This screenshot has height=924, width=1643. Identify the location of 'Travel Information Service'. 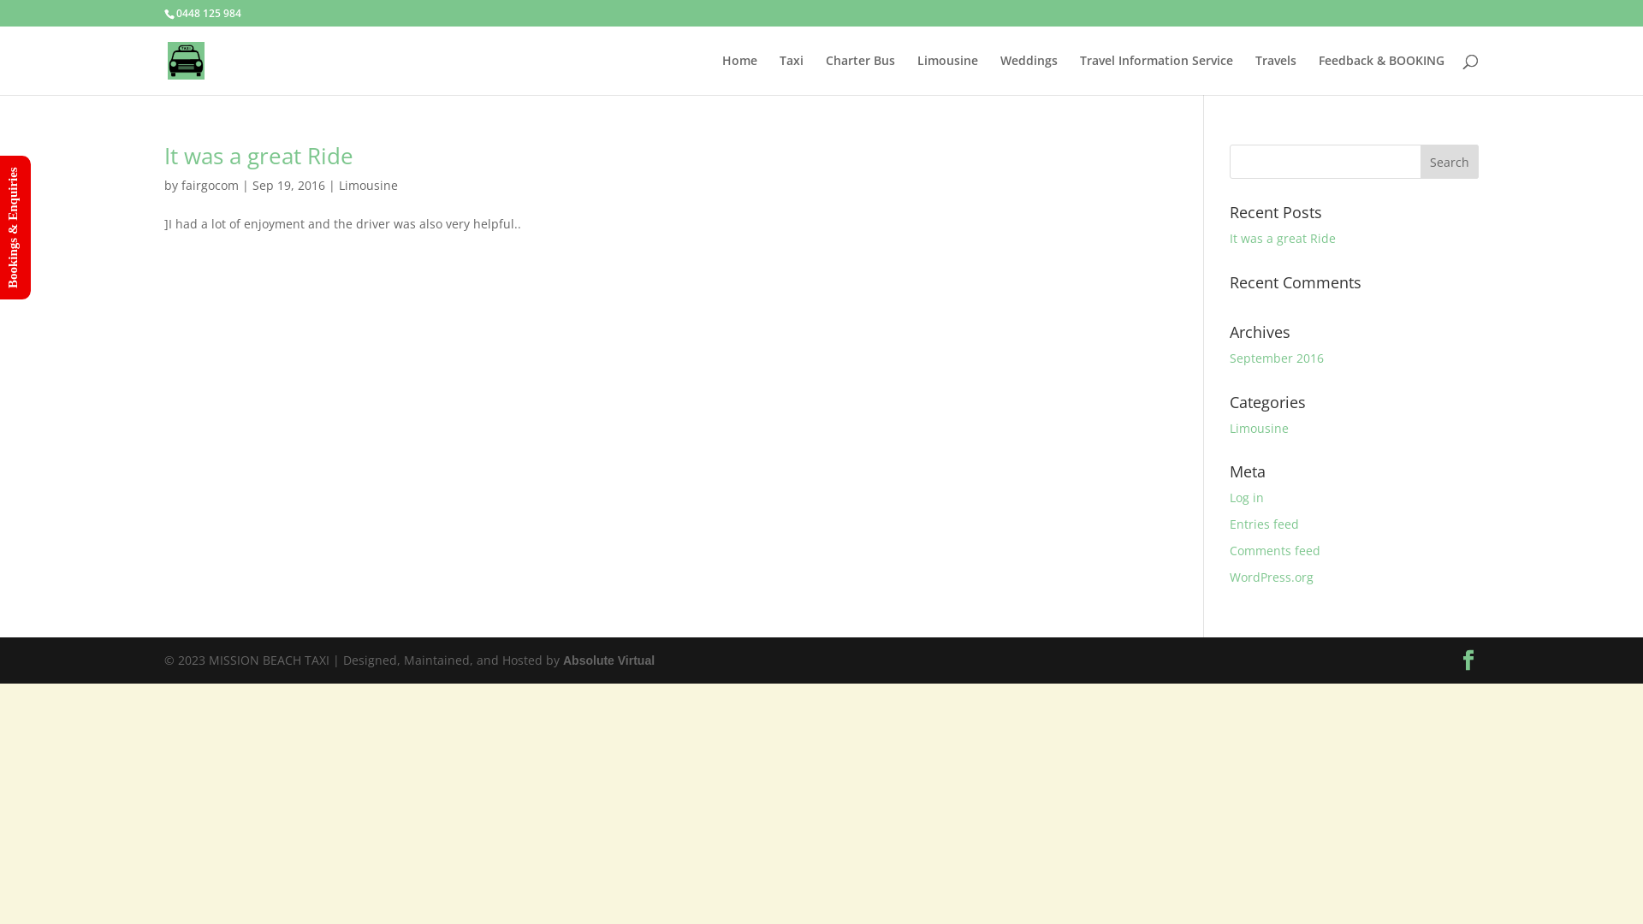
(1156, 74).